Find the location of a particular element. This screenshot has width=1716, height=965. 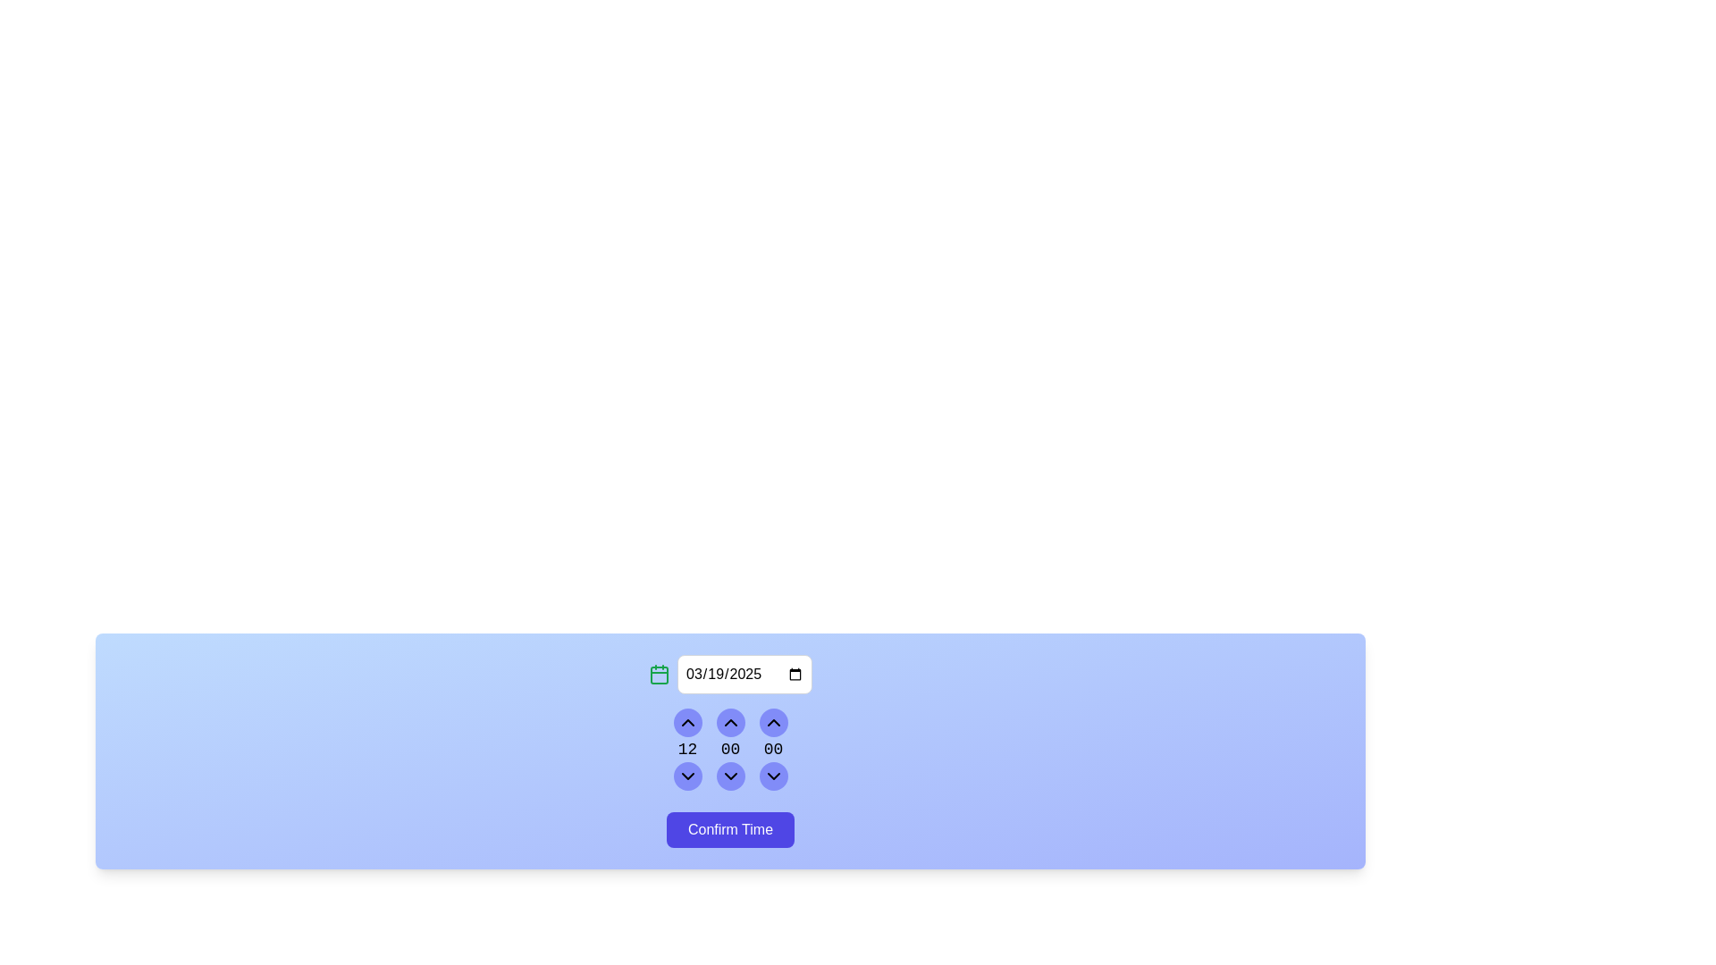

the downward button of the vertically aligned time selector interface to decrease the displayed value from '00' is located at coordinates (730, 750).